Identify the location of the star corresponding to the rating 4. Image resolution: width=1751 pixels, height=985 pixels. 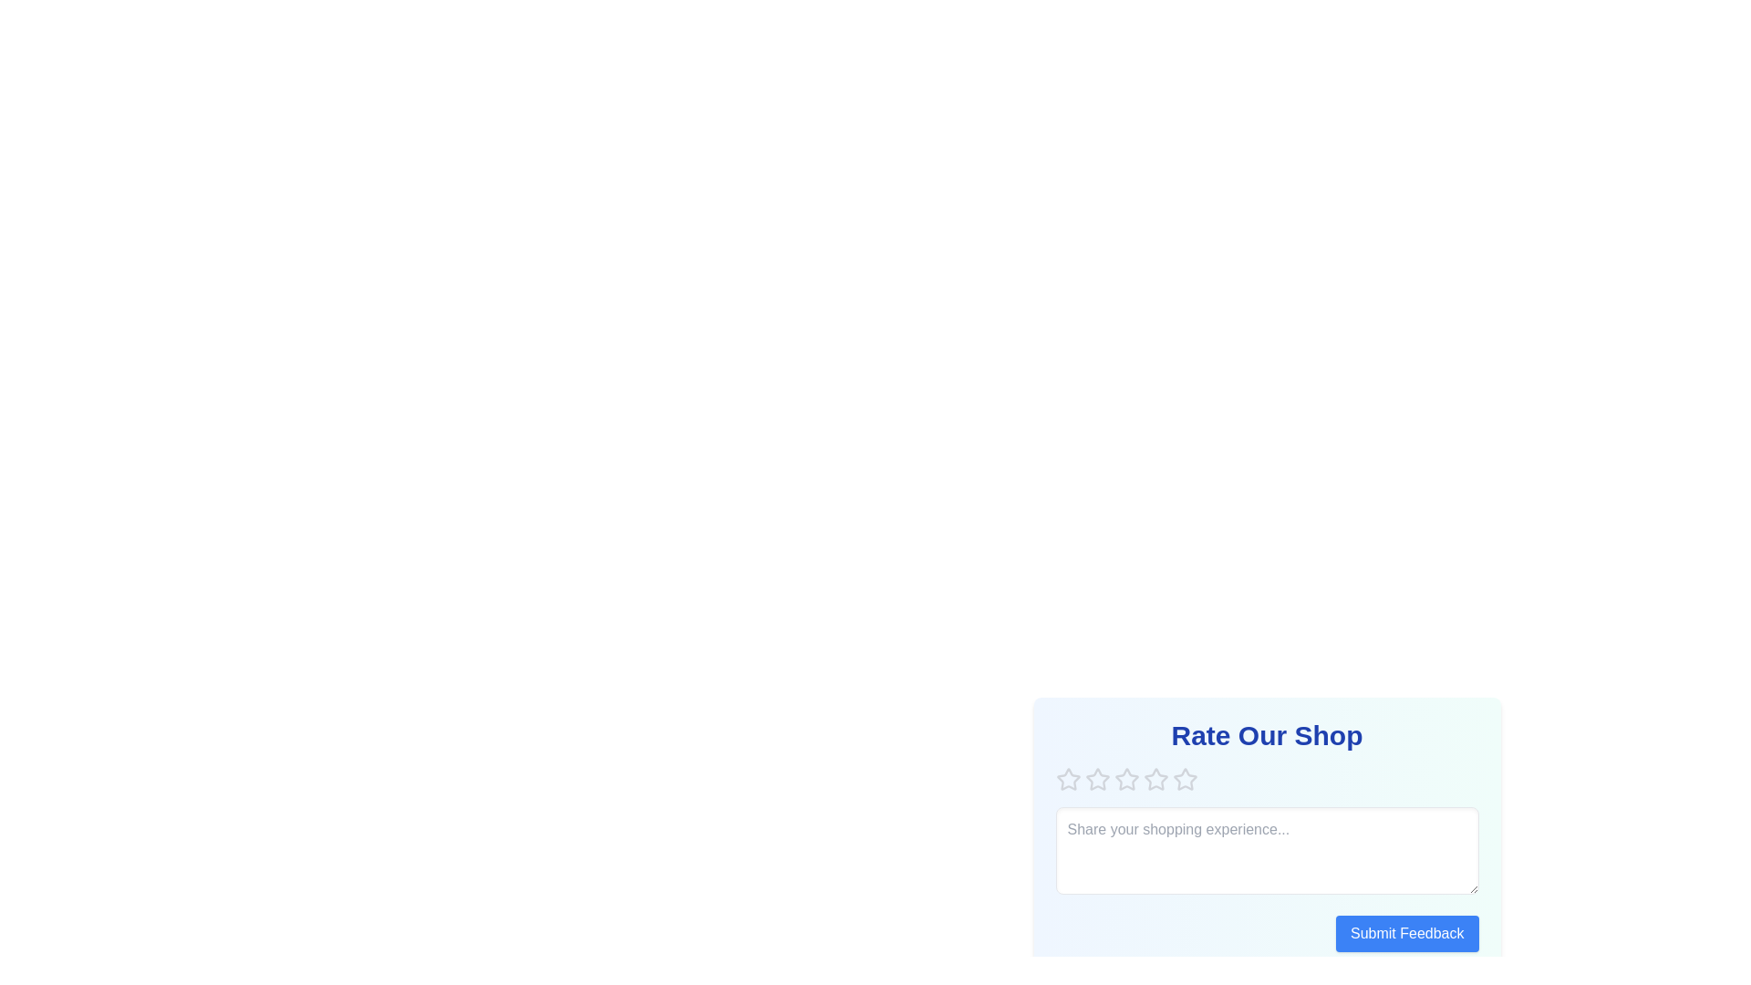
(1155, 780).